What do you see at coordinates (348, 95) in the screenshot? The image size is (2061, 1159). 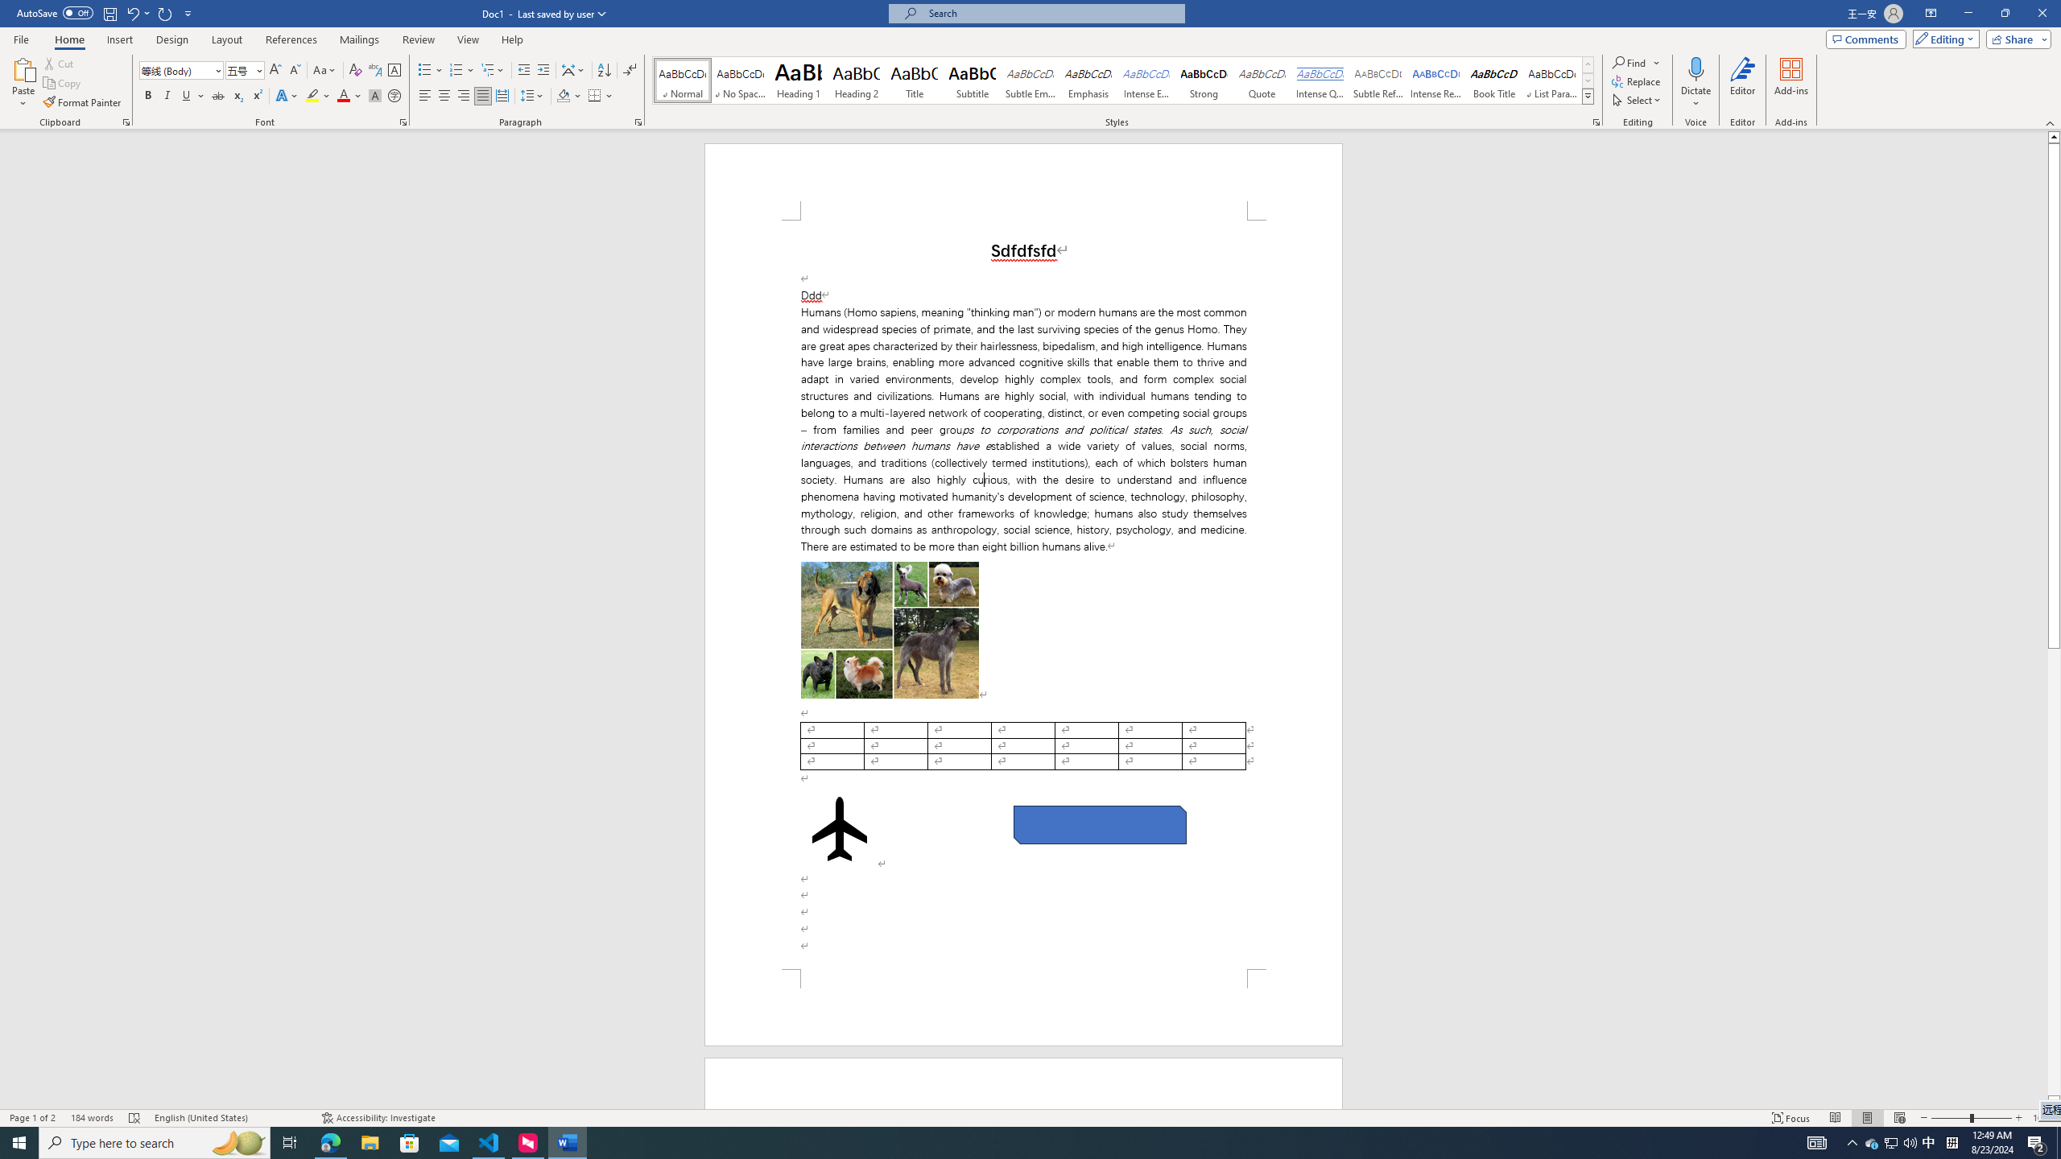 I see `'Font Color'` at bounding box center [348, 95].